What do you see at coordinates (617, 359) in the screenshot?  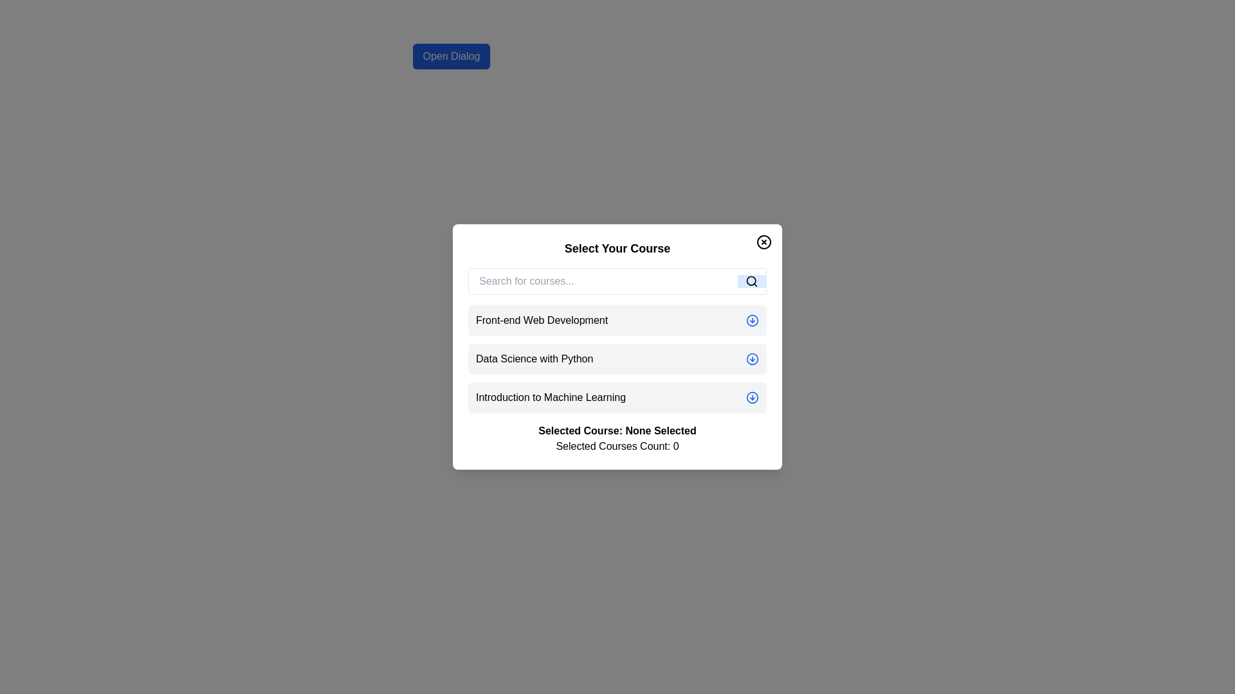 I see `the second item in the list of course options, which reads 'Data Science with Python', located in the dialog box labeled 'Select Your Course'` at bounding box center [617, 359].